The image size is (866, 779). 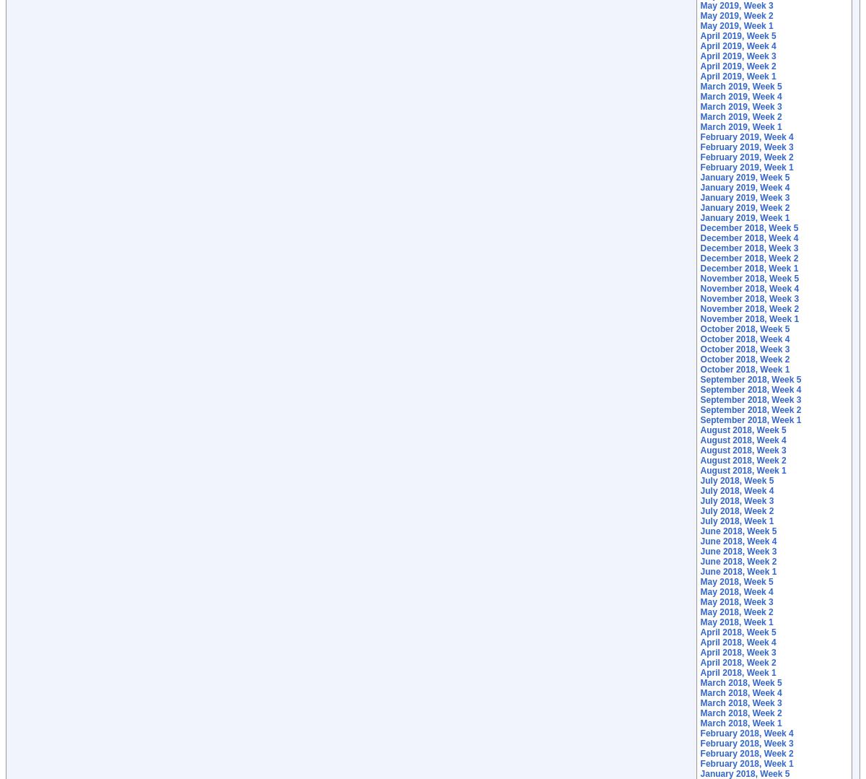 What do you see at coordinates (749, 227) in the screenshot?
I see `'December 2018, Week 5'` at bounding box center [749, 227].